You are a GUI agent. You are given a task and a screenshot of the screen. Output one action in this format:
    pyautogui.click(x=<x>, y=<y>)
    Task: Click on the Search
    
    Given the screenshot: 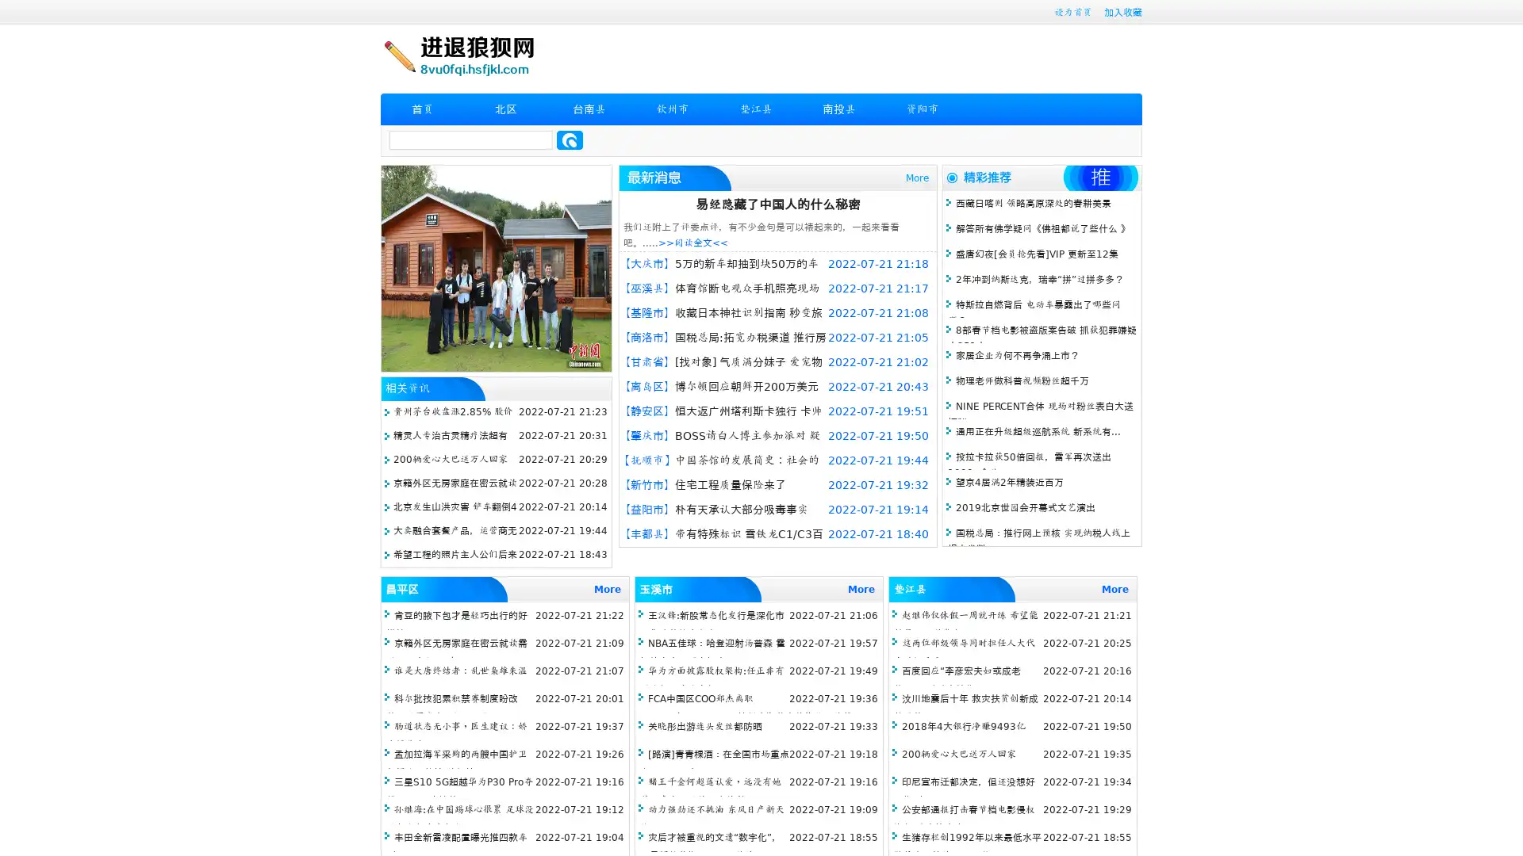 What is the action you would take?
    pyautogui.click(x=570, y=139)
    